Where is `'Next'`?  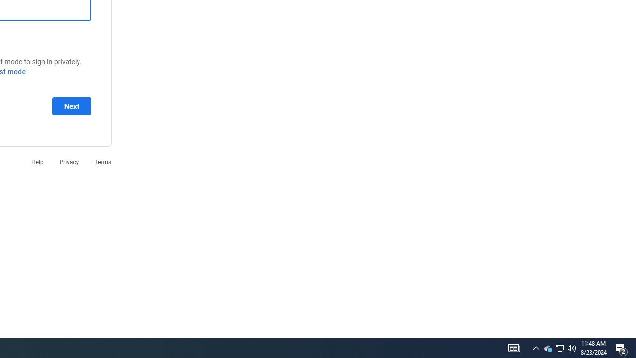
'Next' is located at coordinates (71, 106).